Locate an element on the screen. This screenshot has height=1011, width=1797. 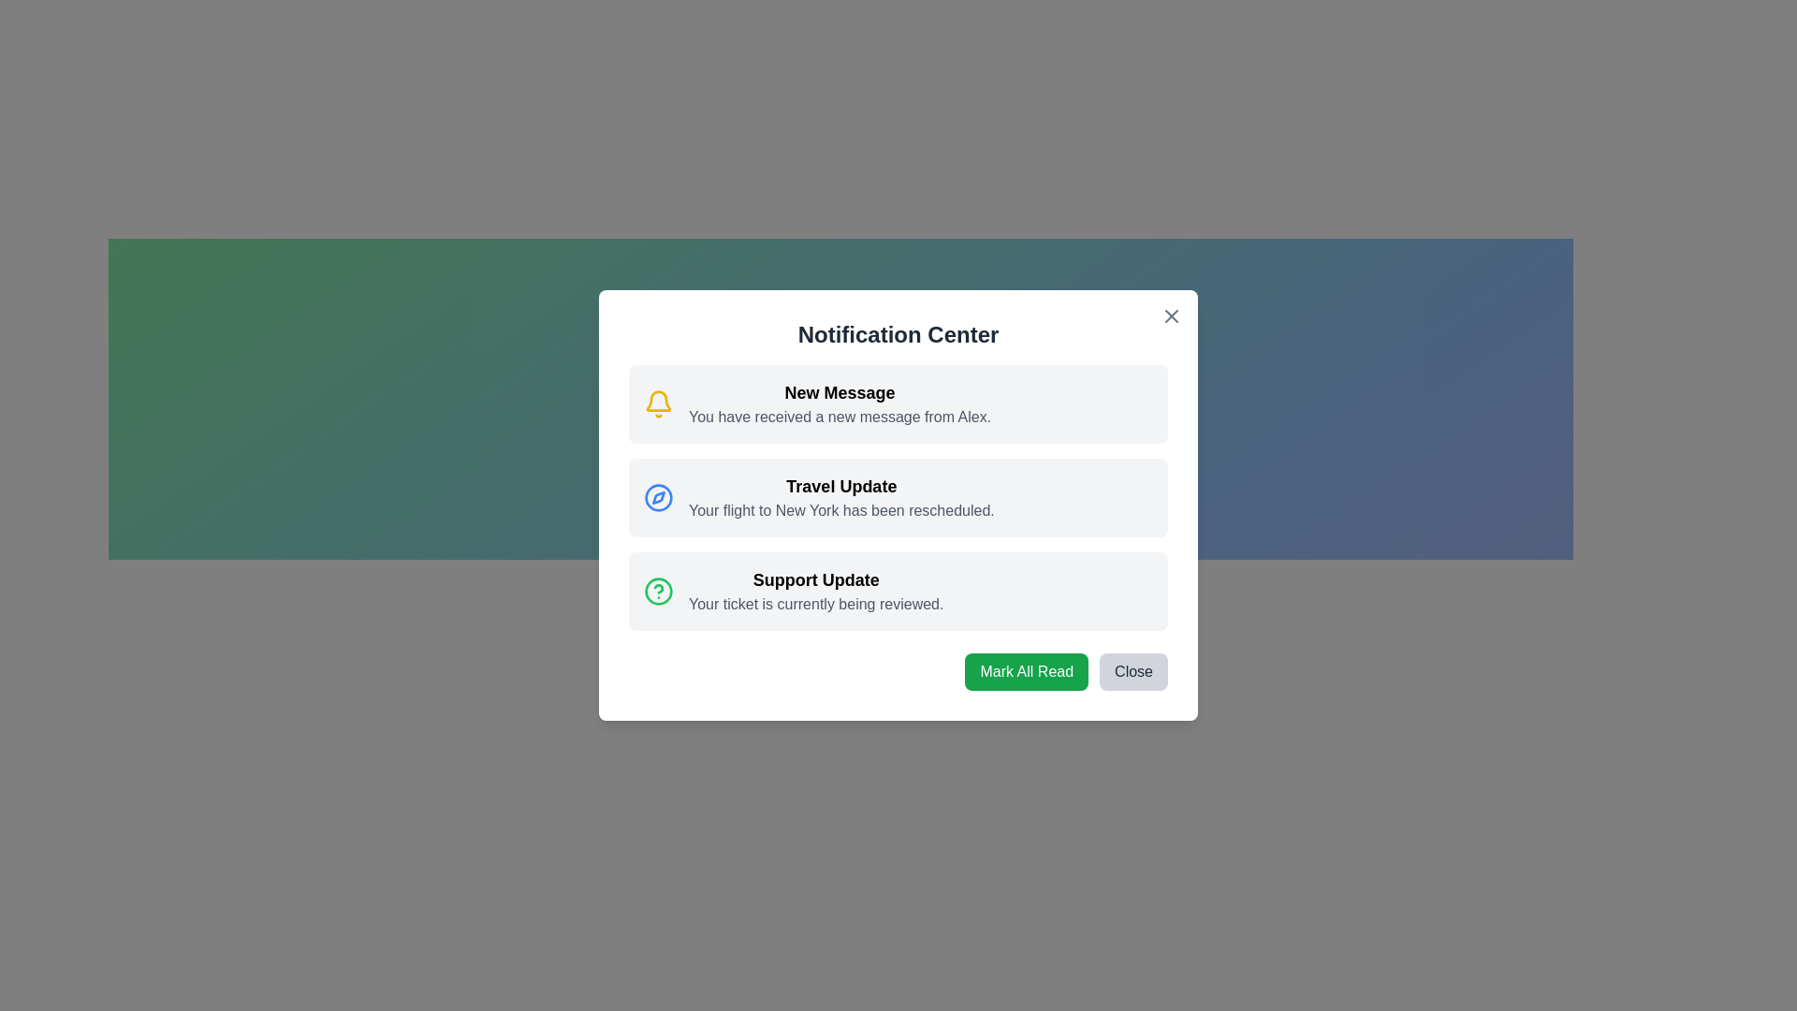
the close button located at the bottom-right corner of the modal window to change its background color is located at coordinates (1132, 670).